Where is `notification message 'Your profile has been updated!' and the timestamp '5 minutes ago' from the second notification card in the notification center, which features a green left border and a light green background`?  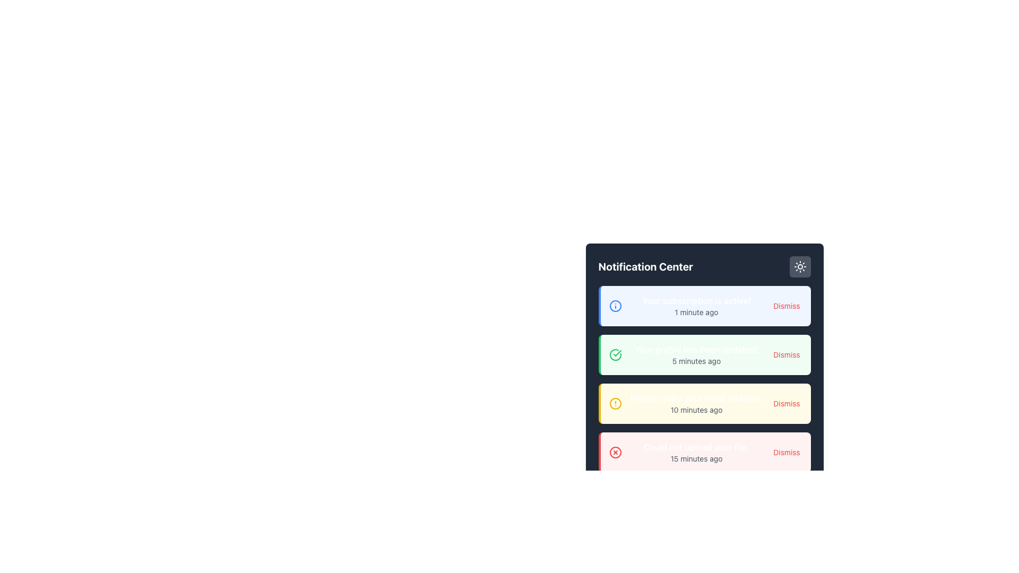
notification message 'Your profile has been updated!' and the timestamp '5 minutes ago' from the second notification card in the notification center, which features a green left border and a light green background is located at coordinates (704, 354).